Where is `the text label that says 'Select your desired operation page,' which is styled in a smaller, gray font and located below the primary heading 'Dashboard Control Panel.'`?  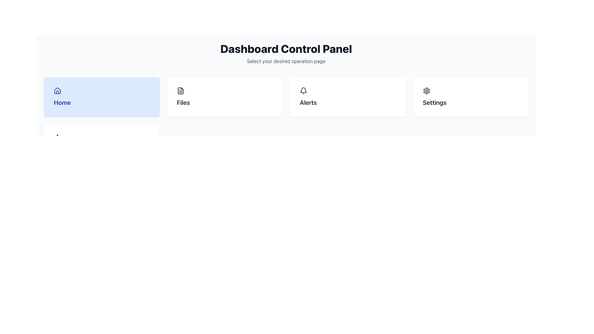
the text label that says 'Select your desired operation page,' which is styled in a smaller, gray font and located below the primary heading 'Dashboard Control Panel.' is located at coordinates (286, 61).